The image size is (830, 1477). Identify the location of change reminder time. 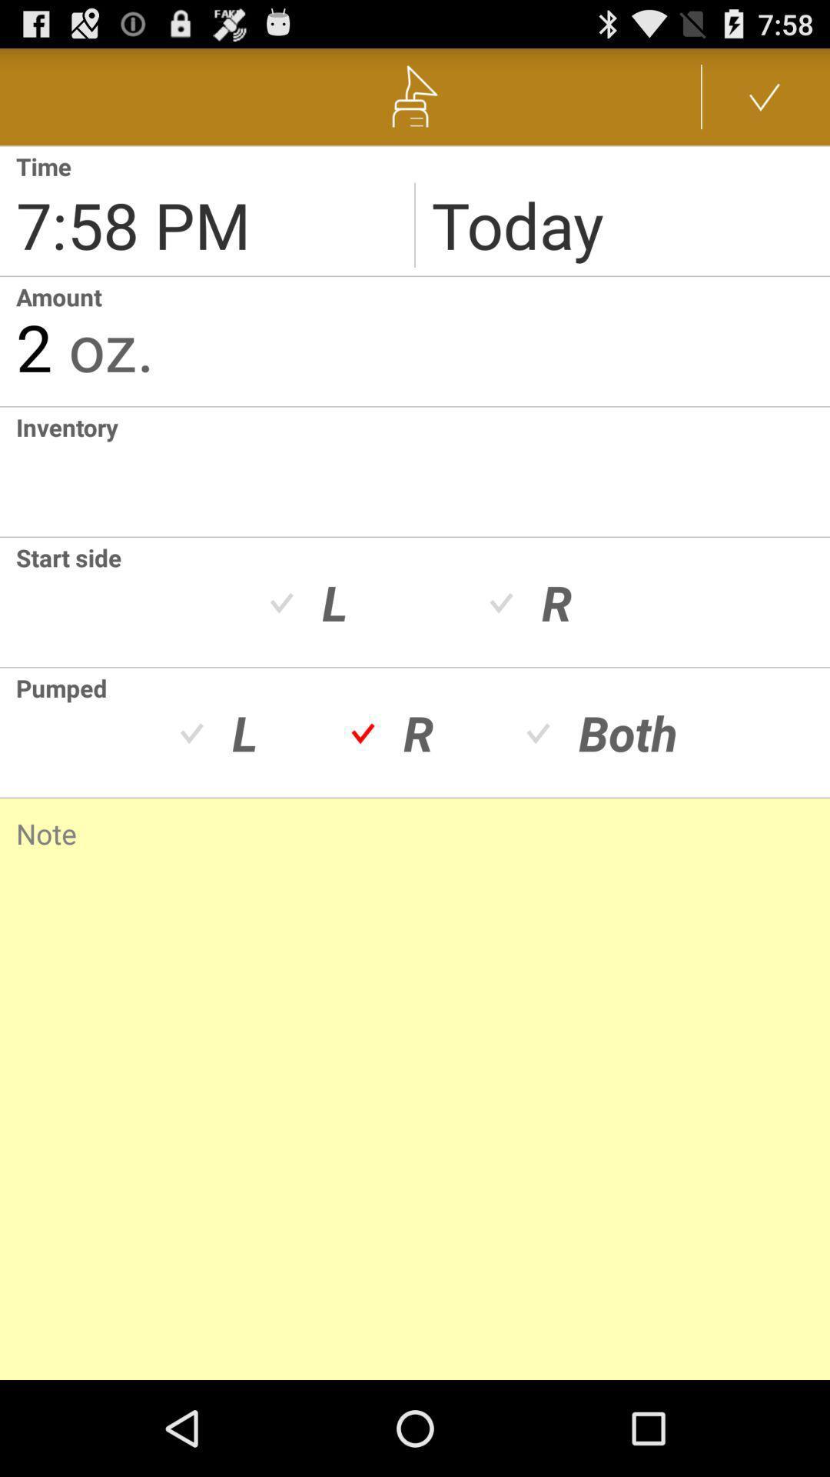
(206, 210).